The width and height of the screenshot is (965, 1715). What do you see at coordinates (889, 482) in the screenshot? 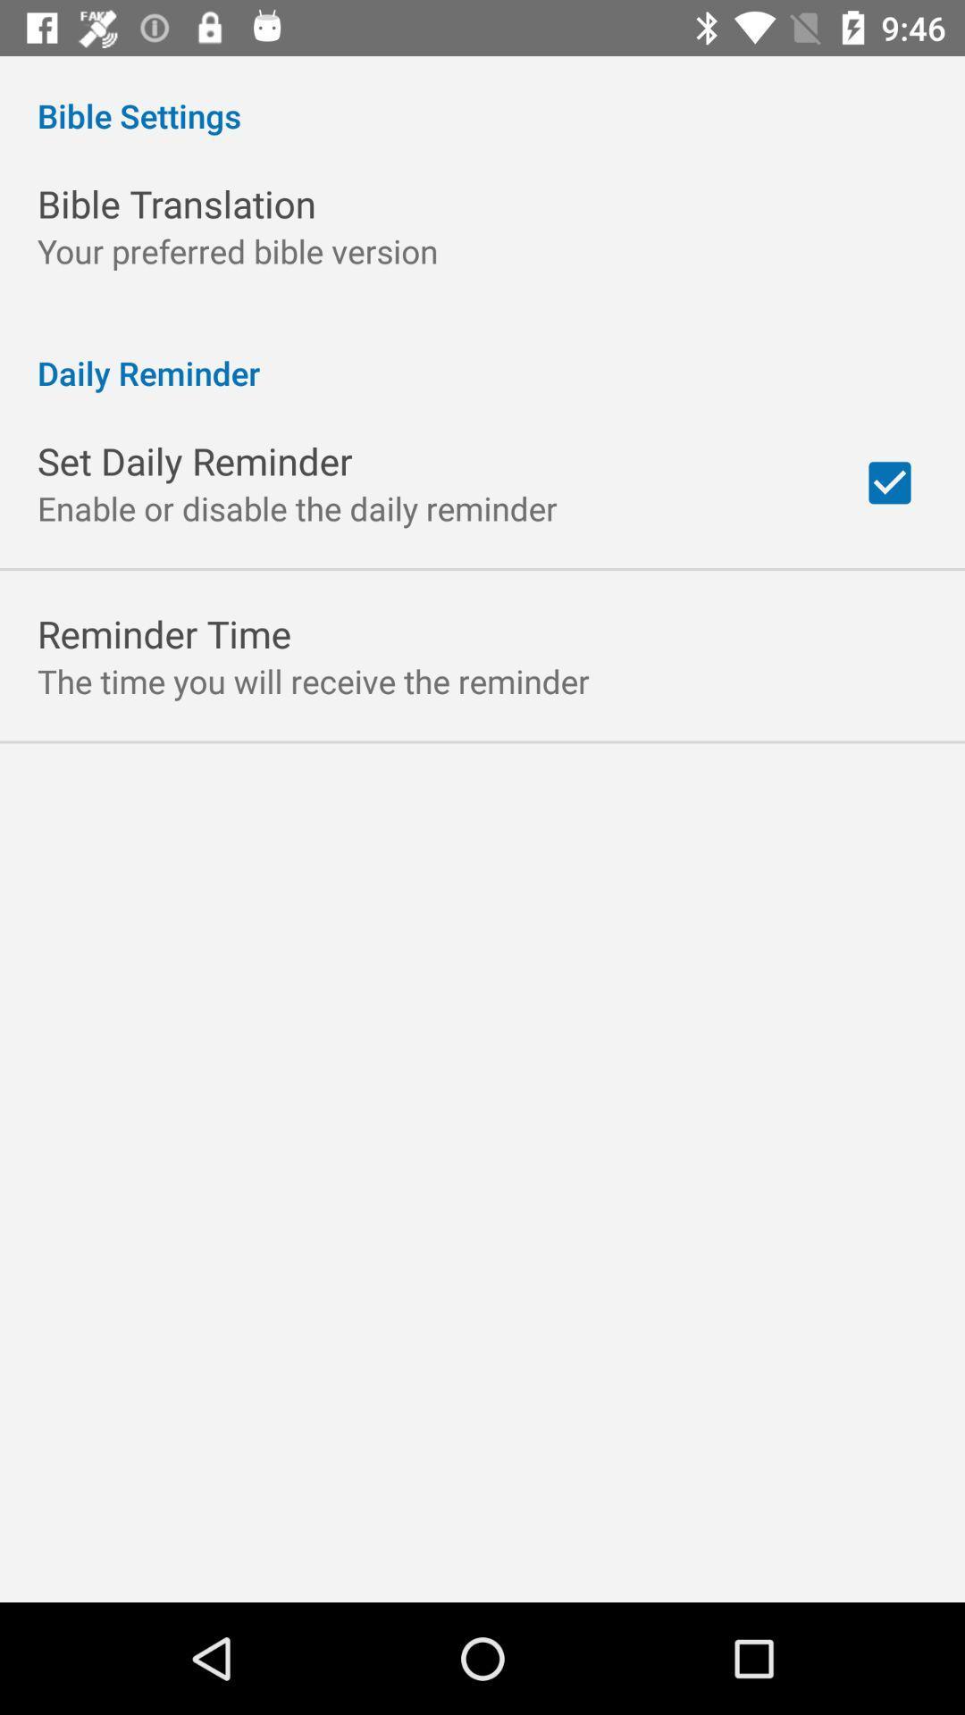
I see `the icon at the top right corner` at bounding box center [889, 482].